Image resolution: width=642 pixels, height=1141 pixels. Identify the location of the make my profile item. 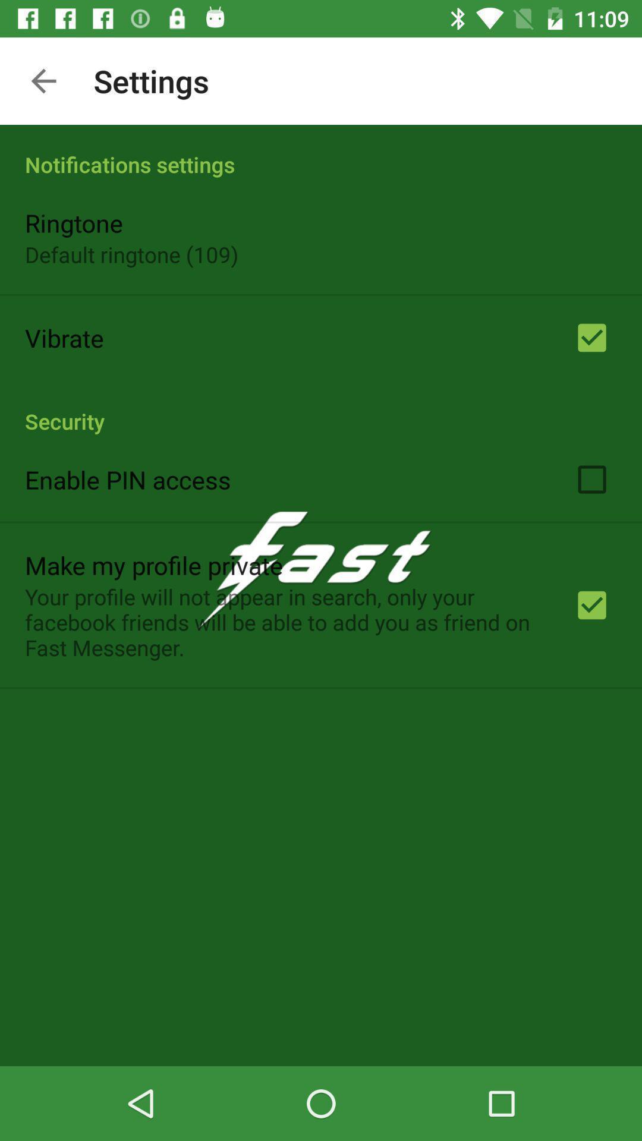
(153, 564).